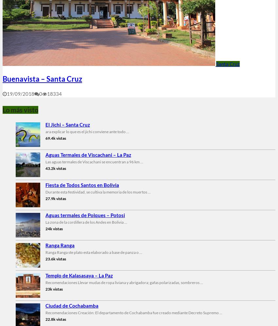  Describe the element at coordinates (54, 289) in the screenshot. I see `'23k vistas'` at that location.